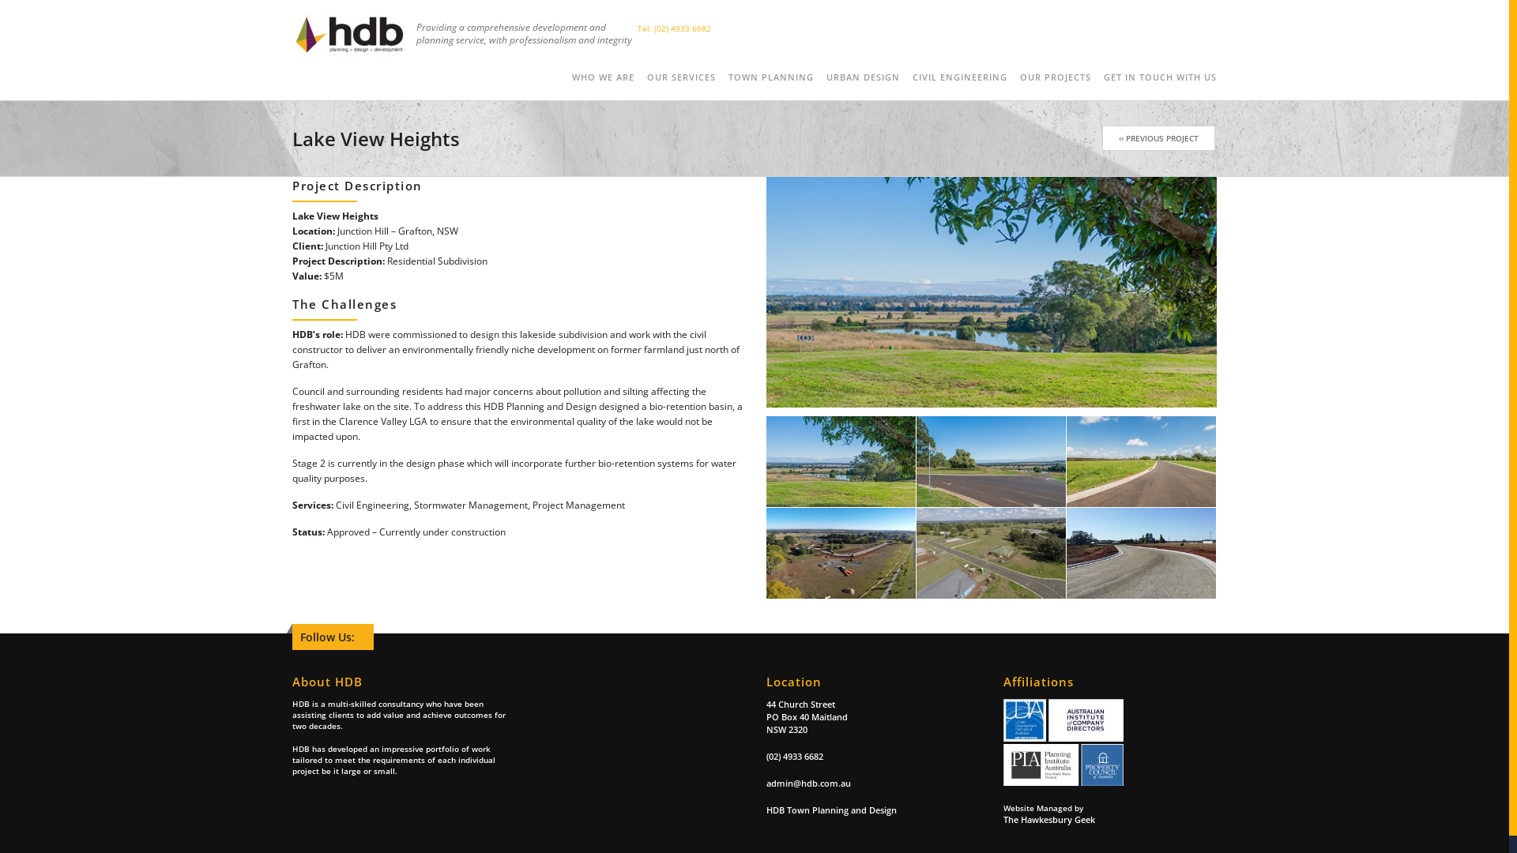  I want to click on '44 Church Street, so click(871, 716).